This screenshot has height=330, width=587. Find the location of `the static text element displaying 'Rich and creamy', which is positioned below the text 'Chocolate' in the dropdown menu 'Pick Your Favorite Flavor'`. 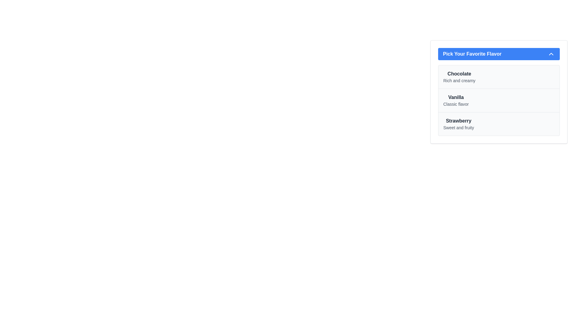

the static text element displaying 'Rich and creamy', which is positioned below the text 'Chocolate' in the dropdown menu 'Pick Your Favorite Flavor' is located at coordinates (459, 80).